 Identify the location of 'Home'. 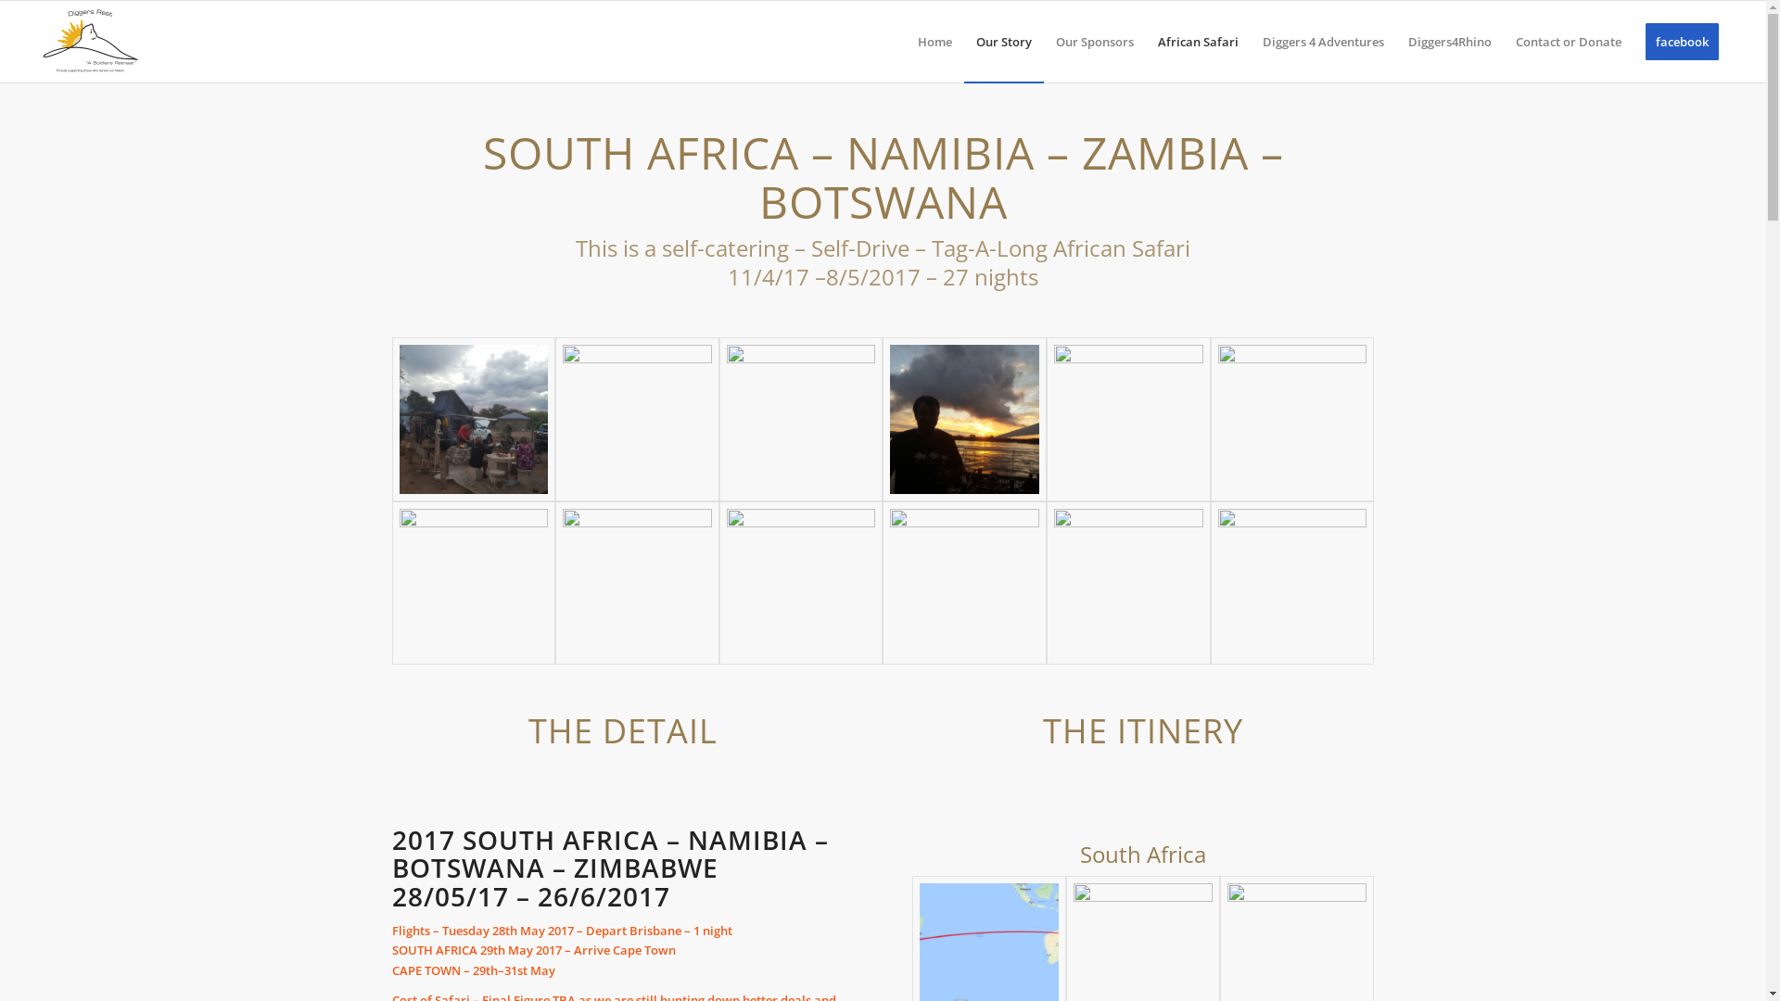
(906, 42).